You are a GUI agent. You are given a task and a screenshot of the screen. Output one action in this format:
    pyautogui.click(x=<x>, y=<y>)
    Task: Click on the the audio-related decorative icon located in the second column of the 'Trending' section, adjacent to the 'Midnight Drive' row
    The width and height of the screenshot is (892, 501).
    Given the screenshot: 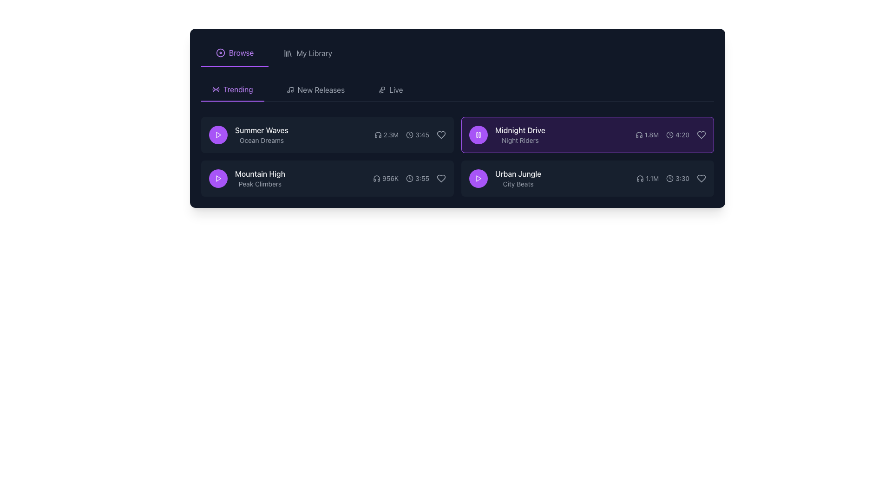 What is the action you would take?
    pyautogui.click(x=378, y=135)
    